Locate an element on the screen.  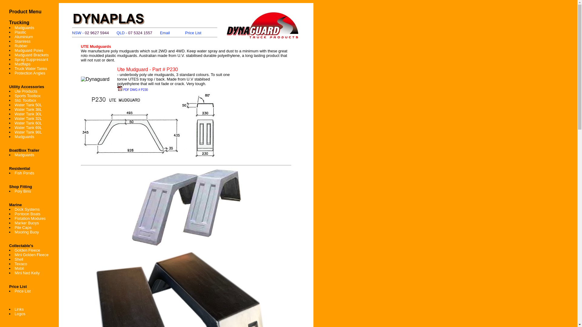
'Pile Caps' is located at coordinates (23, 227).